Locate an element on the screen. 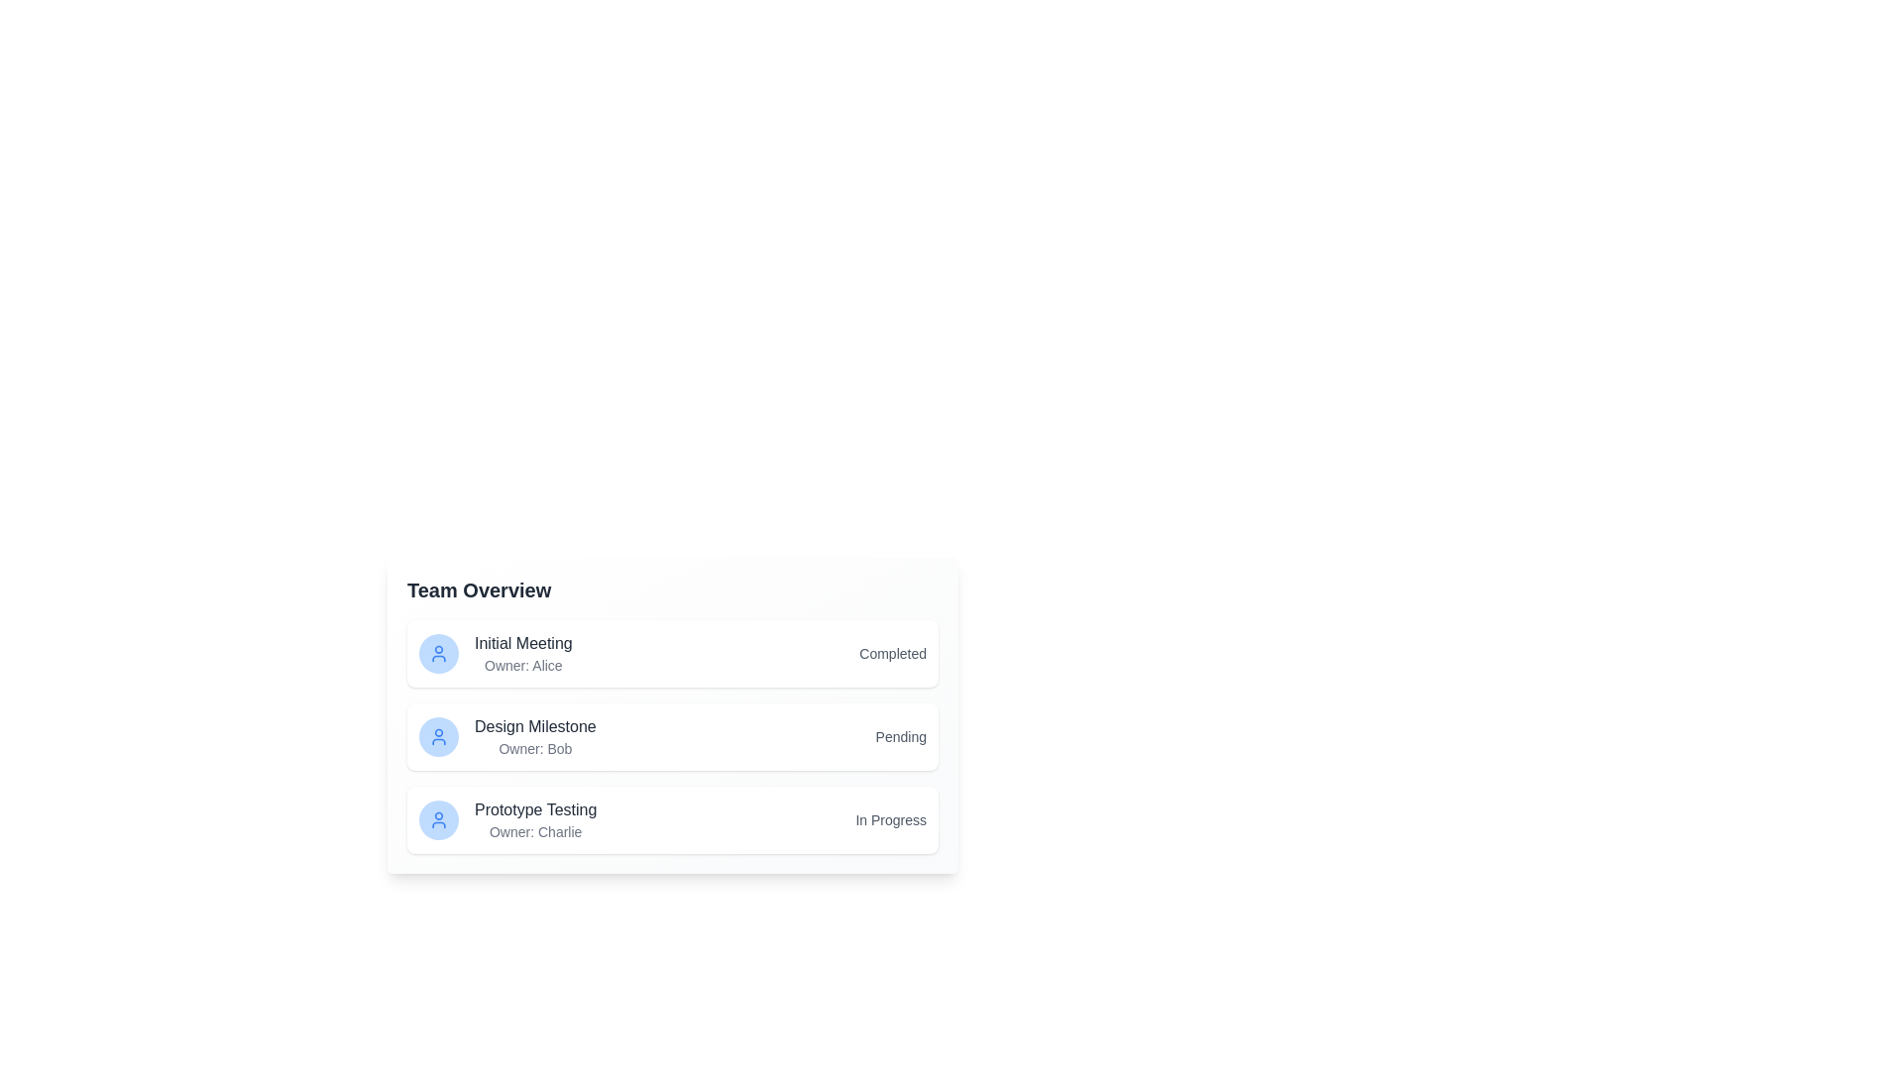 The image size is (1903, 1070). the text label that displays 'Prototype Testing' and 'Owner: Charlie' in the 'Team Overview' section is located at coordinates (535, 820).